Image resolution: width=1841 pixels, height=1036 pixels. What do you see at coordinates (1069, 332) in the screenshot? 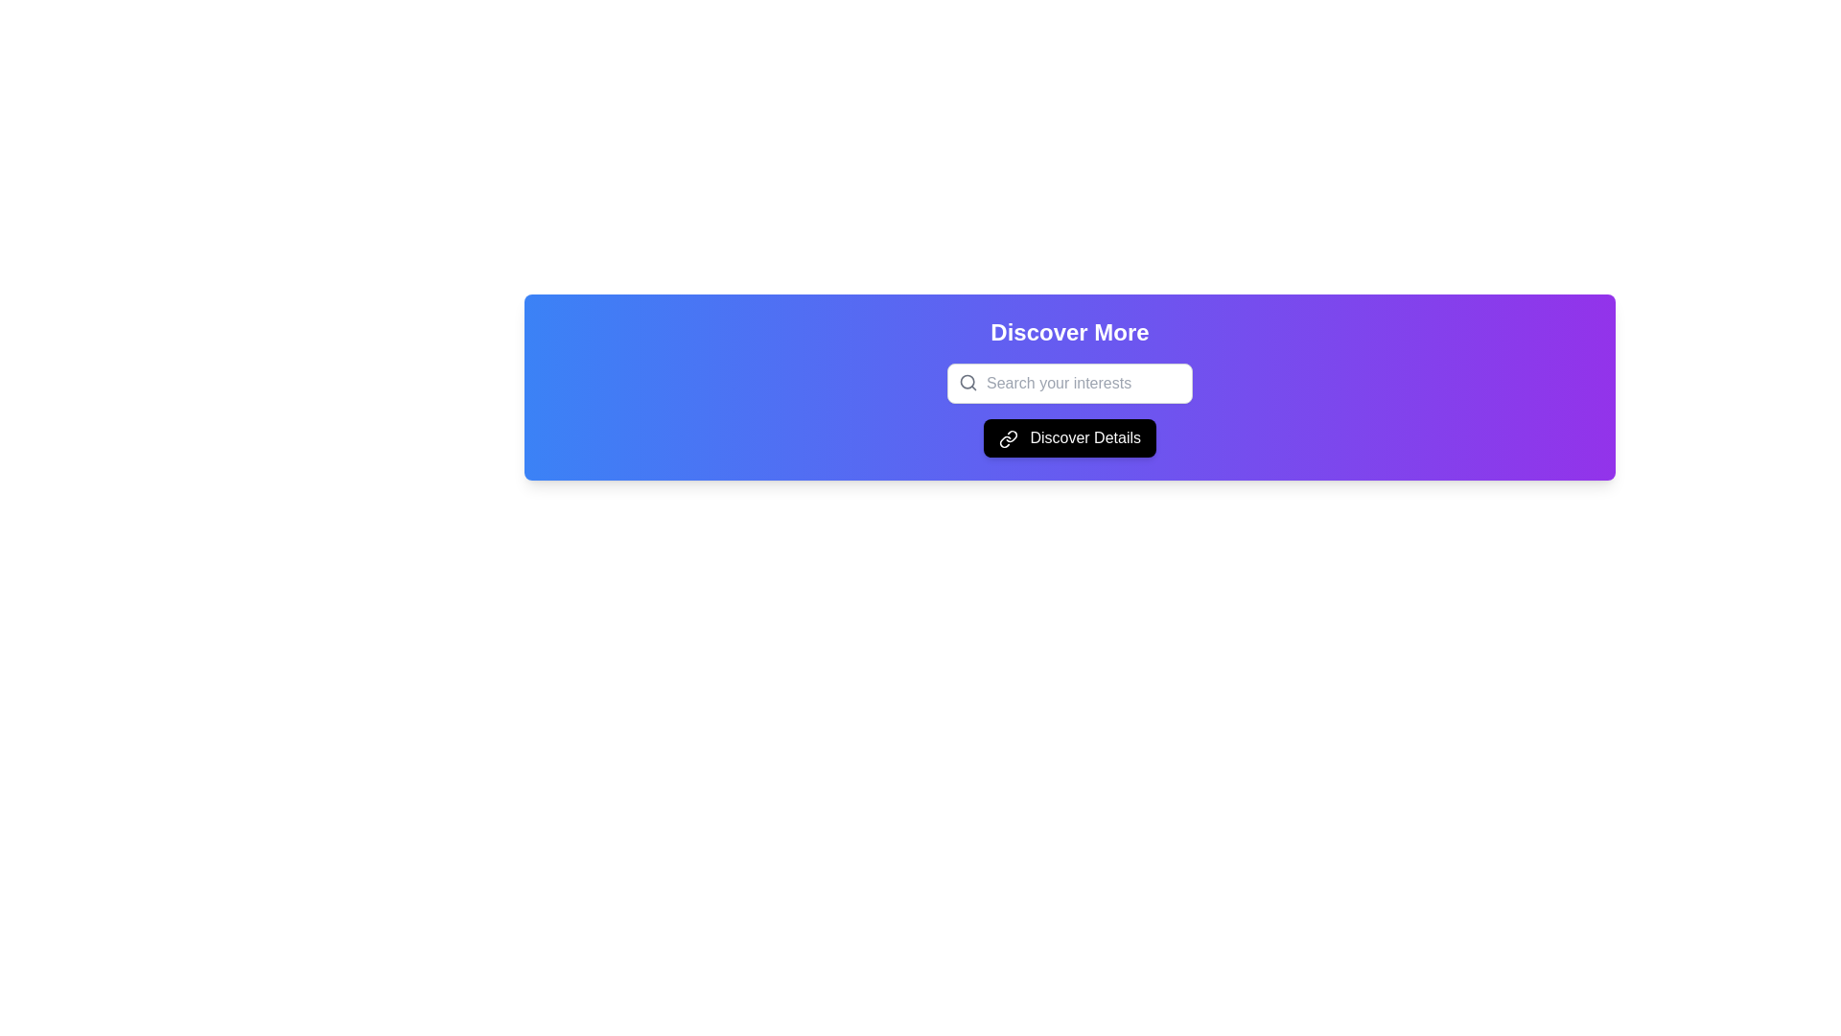
I see `the Text Label that serves as a header or title, located above the search bar and the 'Discover Details' button` at bounding box center [1069, 332].